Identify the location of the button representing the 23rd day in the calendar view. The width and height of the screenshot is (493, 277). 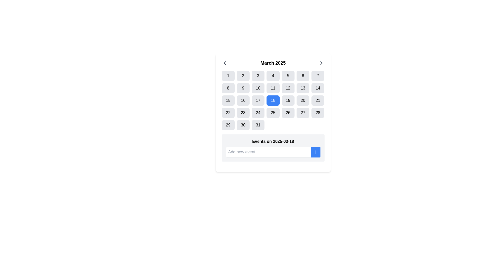
(243, 112).